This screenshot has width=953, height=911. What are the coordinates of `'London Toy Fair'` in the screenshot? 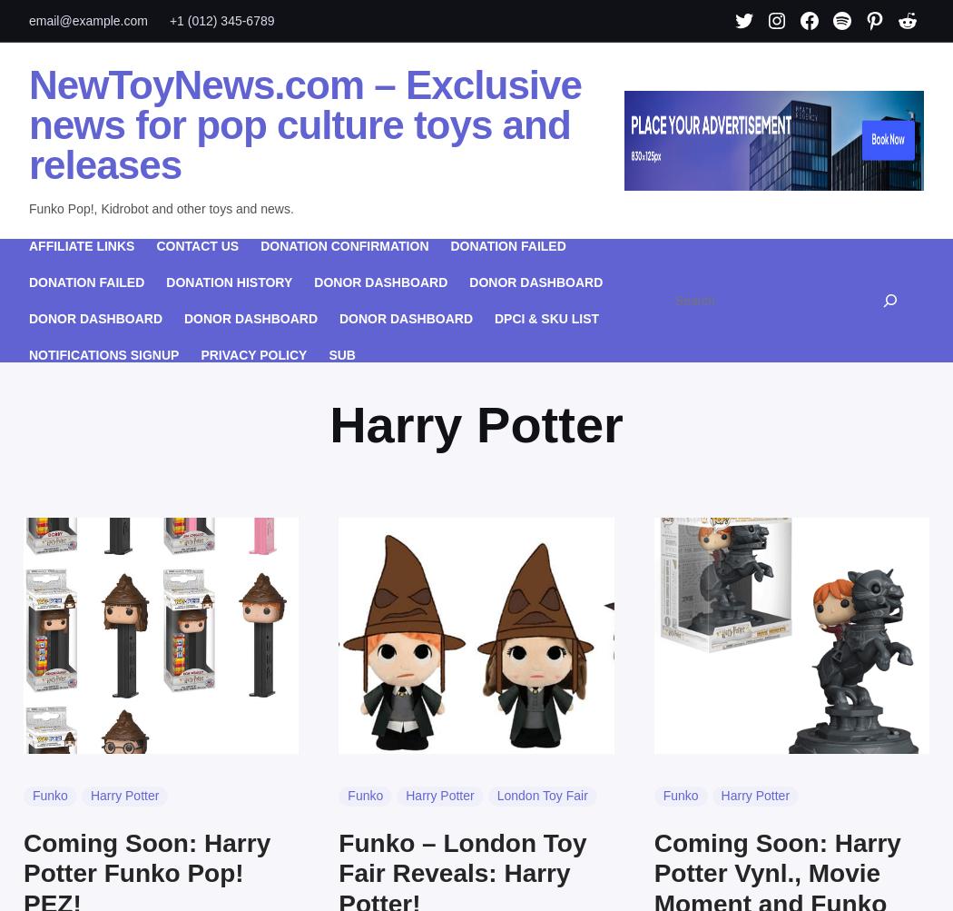 It's located at (541, 795).